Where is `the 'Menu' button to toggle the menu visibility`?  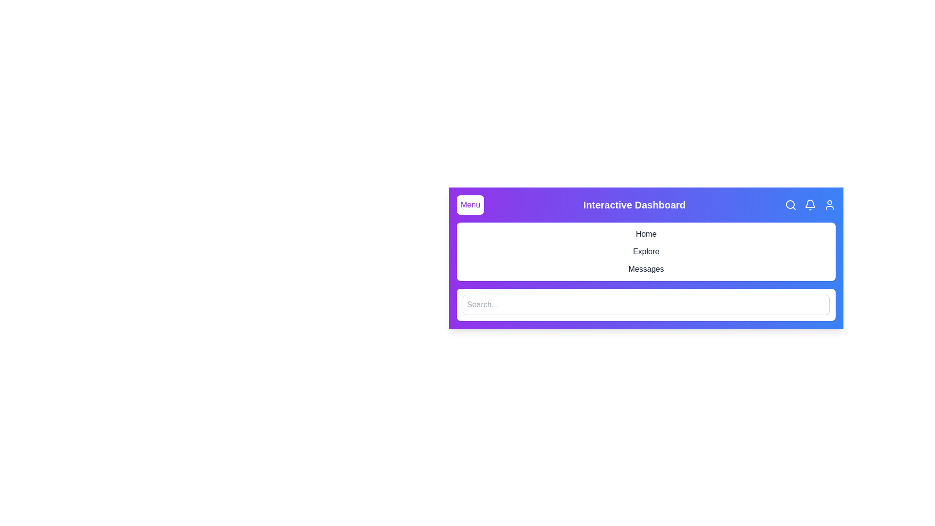
the 'Menu' button to toggle the menu visibility is located at coordinates (470, 204).